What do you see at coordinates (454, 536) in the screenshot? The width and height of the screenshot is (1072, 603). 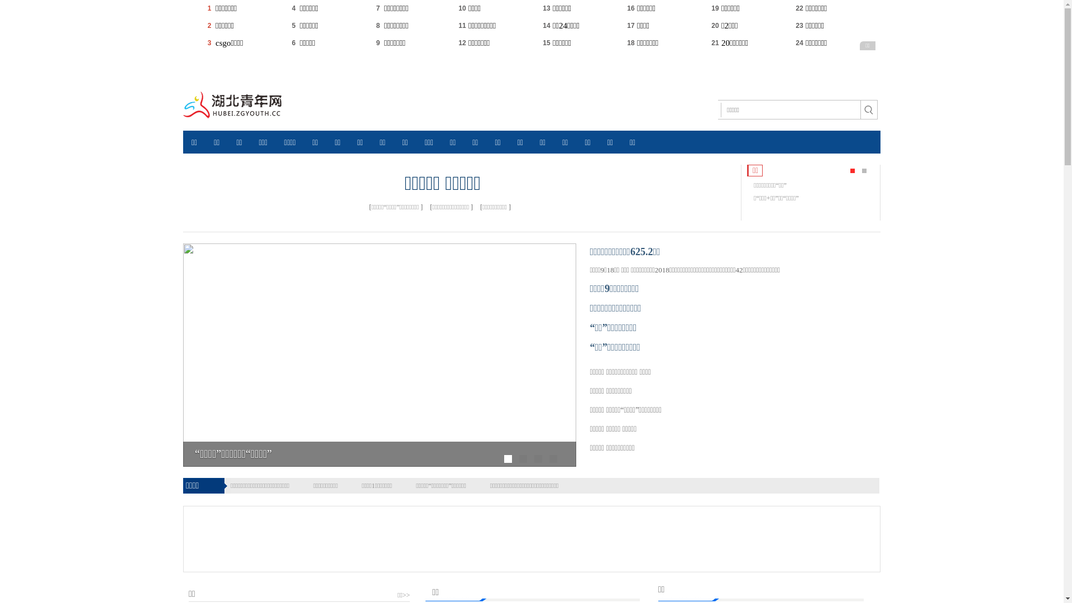 I see `'Advertisement'` at bounding box center [454, 536].